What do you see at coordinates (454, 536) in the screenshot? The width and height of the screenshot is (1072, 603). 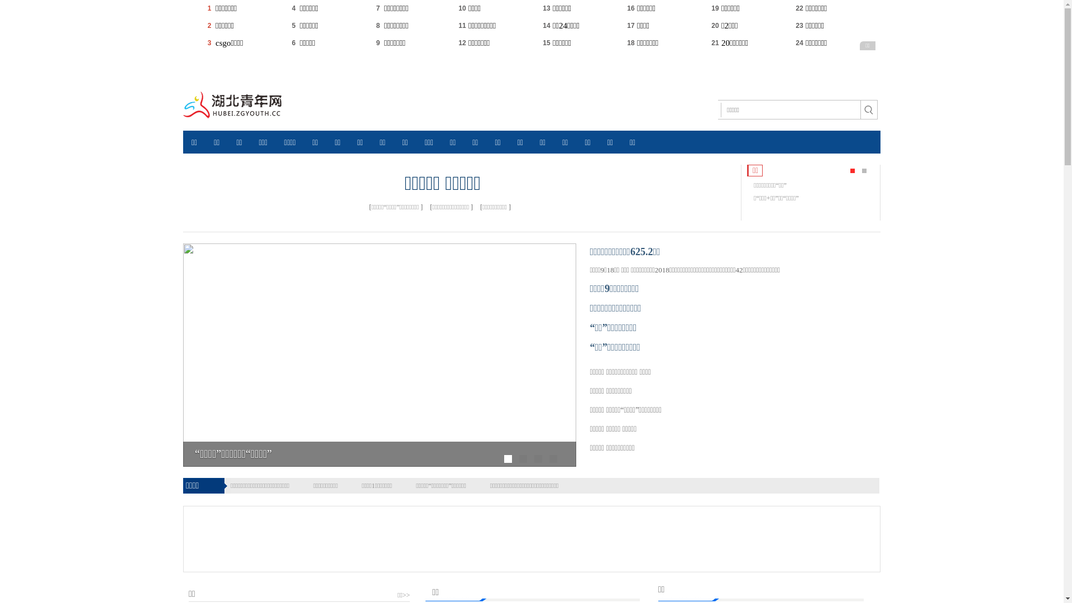 I see `'Advertisement'` at bounding box center [454, 536].